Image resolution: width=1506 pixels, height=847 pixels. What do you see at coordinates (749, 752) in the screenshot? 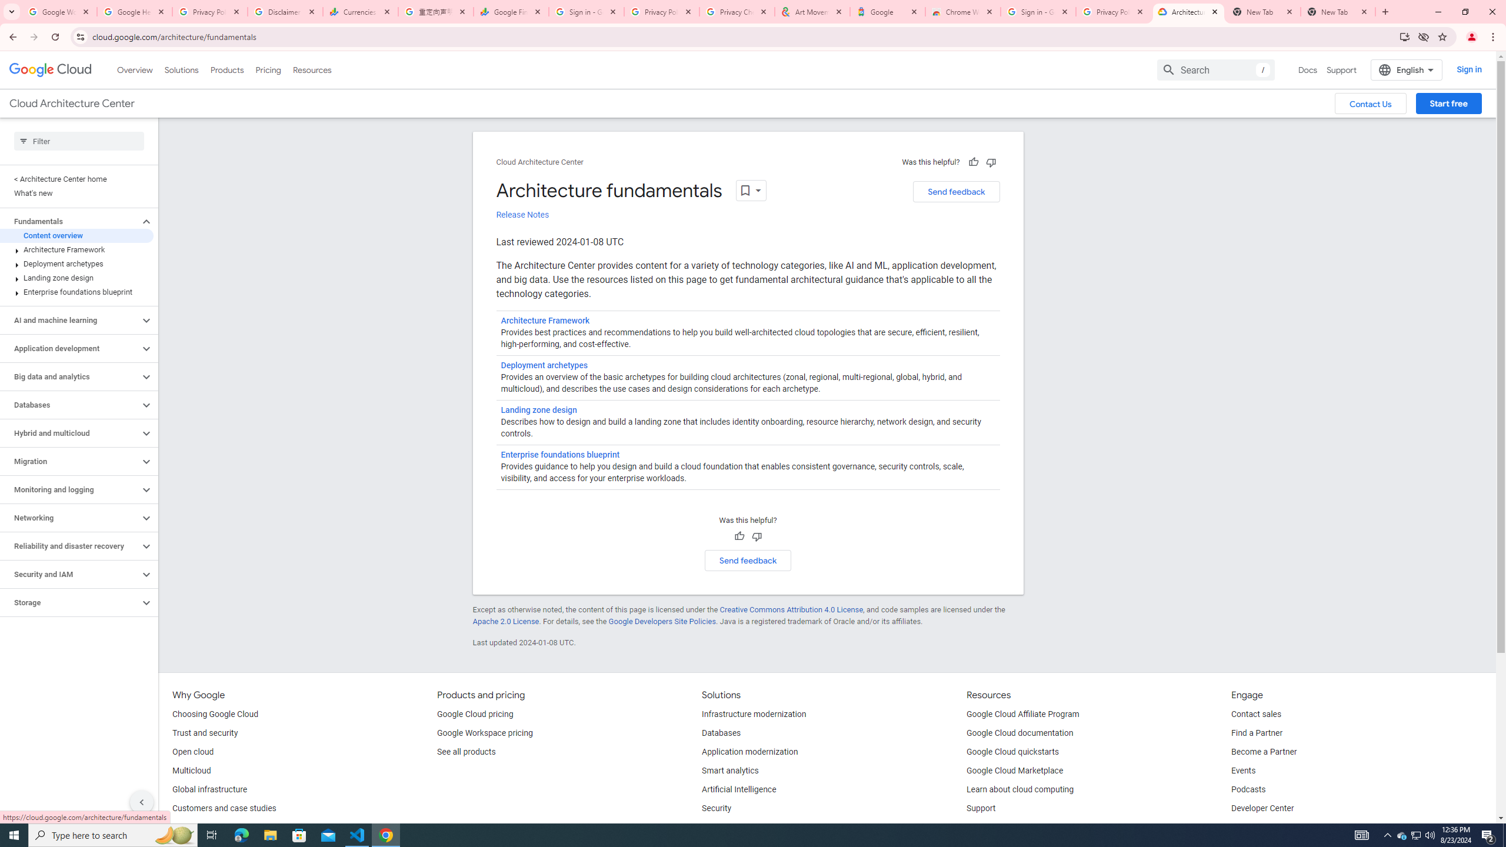
I see `'Application modernization'` at bounding box center [749, 752].